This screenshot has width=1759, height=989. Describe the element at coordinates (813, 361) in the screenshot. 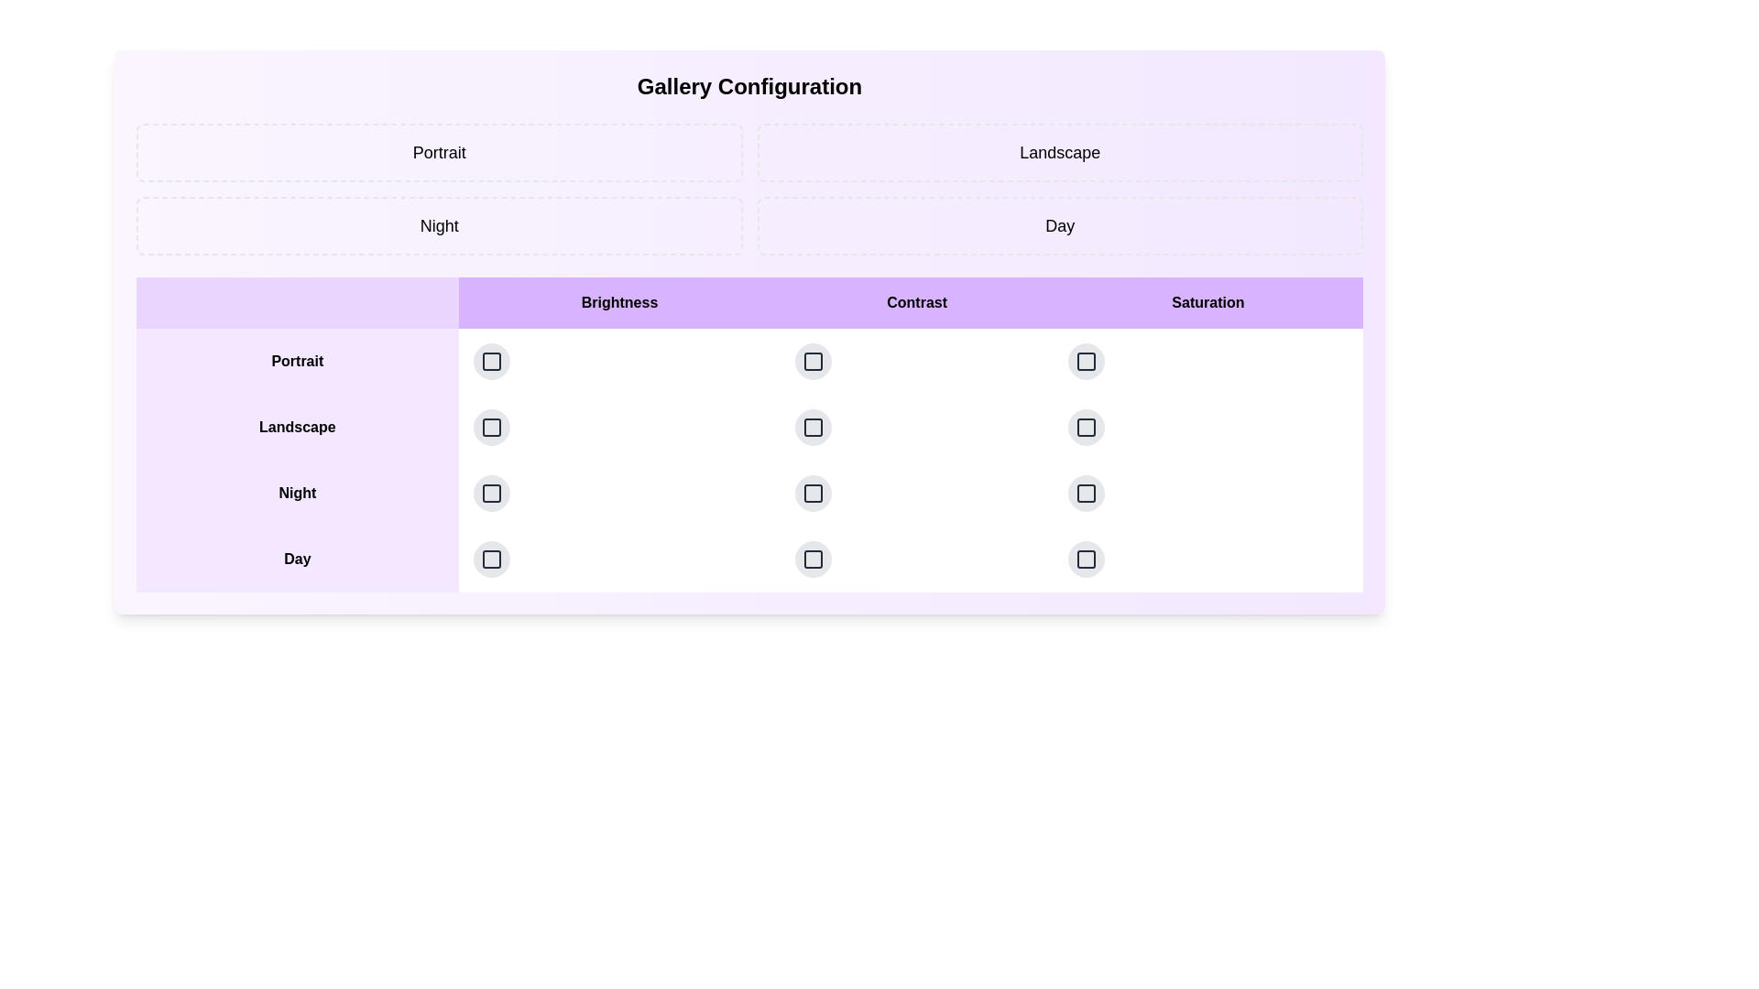

I see `the interactive checkbox button for the 'Contrast' setting located in the second column of the 'Gallery Configuration' table, to interact via keyboard` at that location.